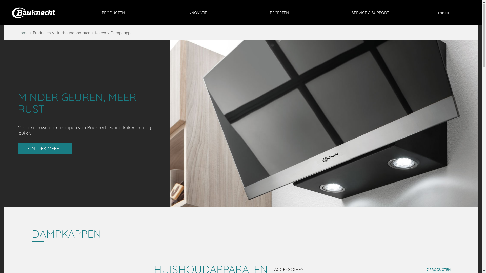  I want to click on 'ACCESSOIRES', so click(292, 269).